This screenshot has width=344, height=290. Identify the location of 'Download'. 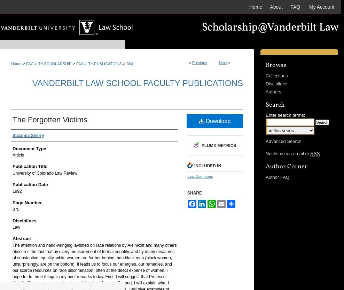
(217, 121).